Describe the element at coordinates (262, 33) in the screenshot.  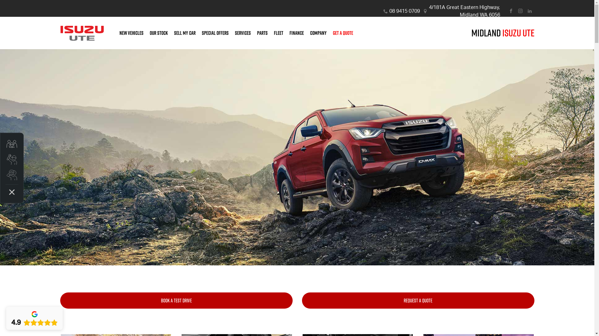
I see `'PARTS'` at that location.